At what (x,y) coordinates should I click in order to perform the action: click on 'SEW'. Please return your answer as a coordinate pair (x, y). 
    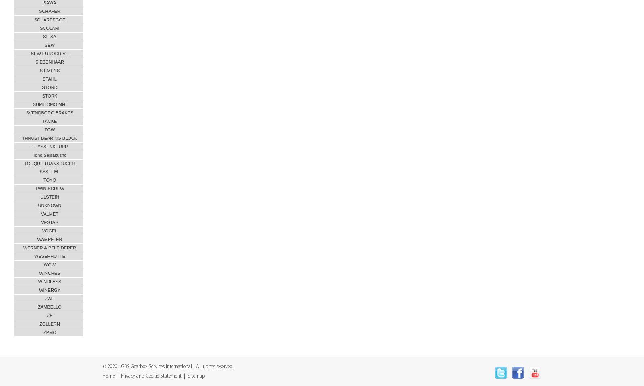
    Looking at the image, I should click on (49, 45).